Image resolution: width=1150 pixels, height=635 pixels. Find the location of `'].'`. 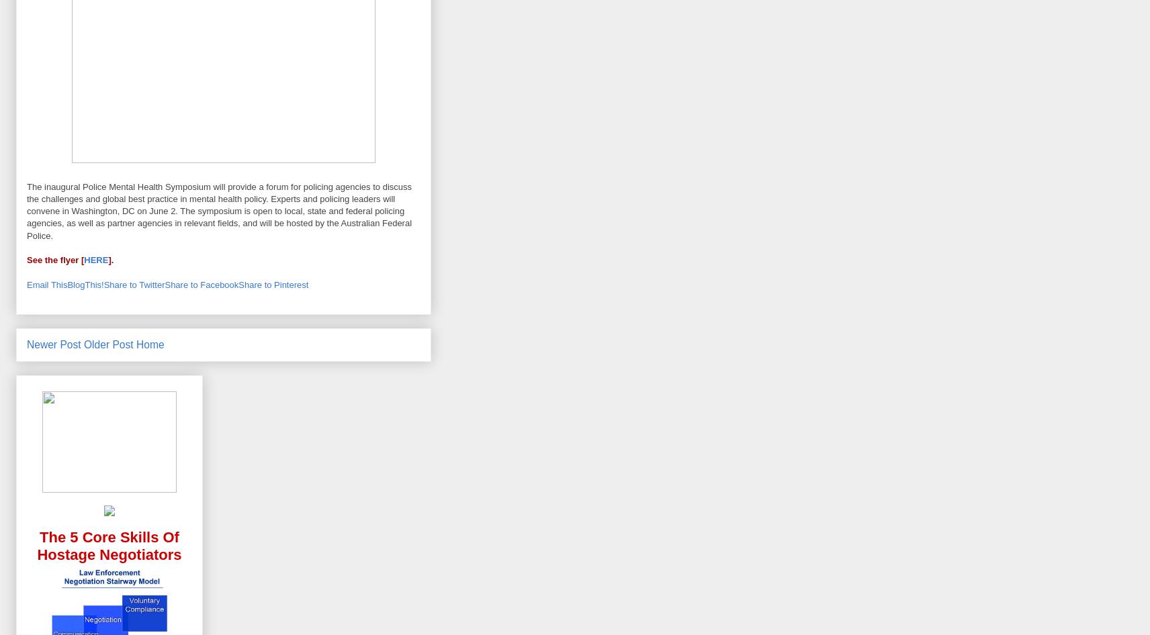

'].' is located at coordinates (111, 260).